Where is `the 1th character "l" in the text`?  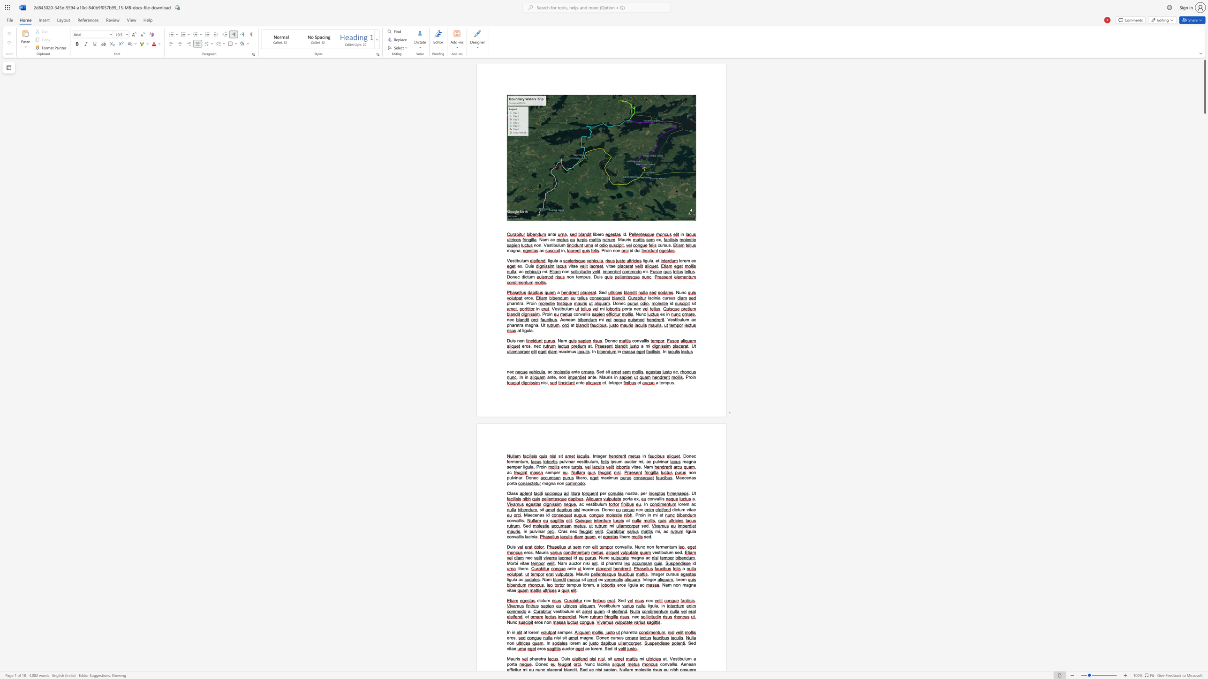
the 1th character "l" in the text is located at coordinates (648, 606).